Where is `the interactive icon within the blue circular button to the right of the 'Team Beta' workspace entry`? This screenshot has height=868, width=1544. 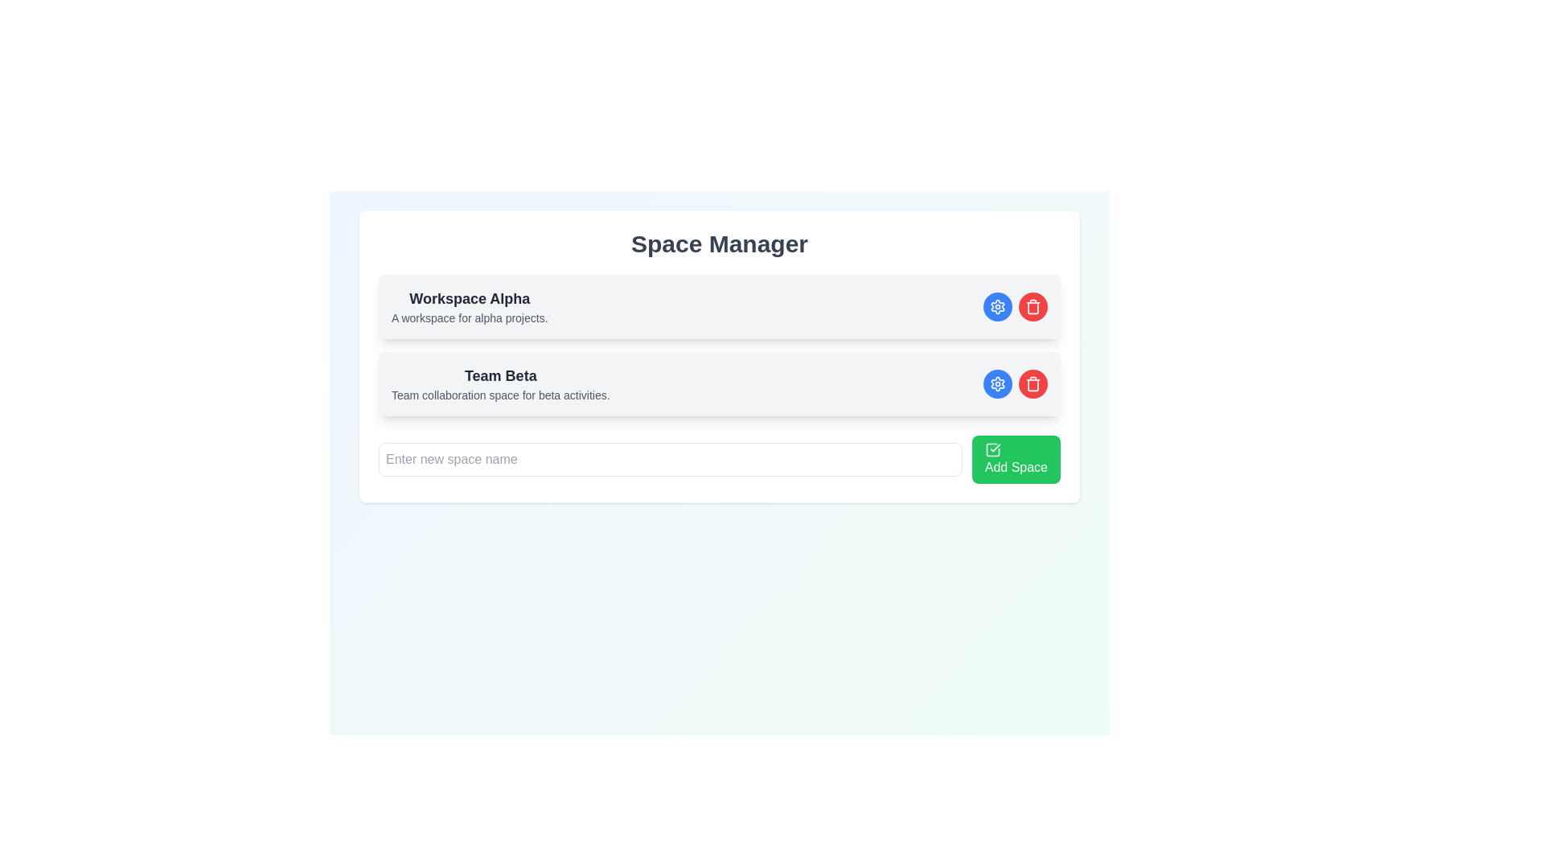 the interactive icon within the blue circular button to the right of the 'Team Beta' workspace entry is located at coordinates (997, 384).